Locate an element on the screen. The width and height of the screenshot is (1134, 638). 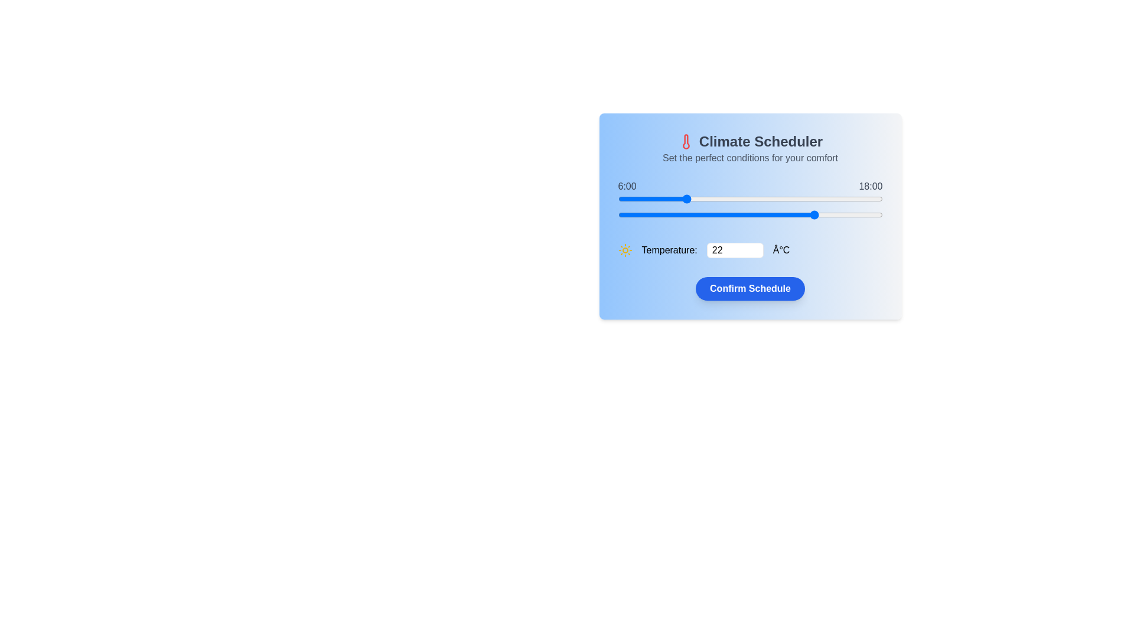
the time on the slider is located at coordinates (728, 198).